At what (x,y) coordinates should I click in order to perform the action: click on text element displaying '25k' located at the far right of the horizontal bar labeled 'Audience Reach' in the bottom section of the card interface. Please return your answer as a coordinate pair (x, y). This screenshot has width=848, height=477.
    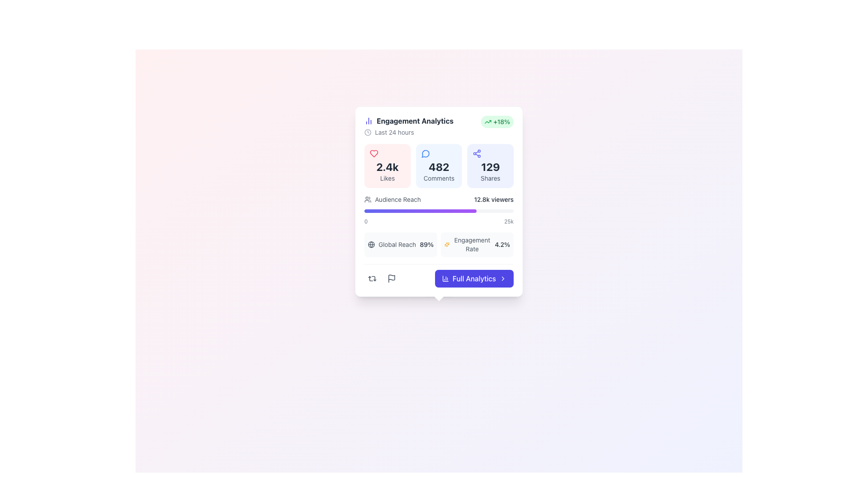
    Looking at the image, I should click on (509, 221).